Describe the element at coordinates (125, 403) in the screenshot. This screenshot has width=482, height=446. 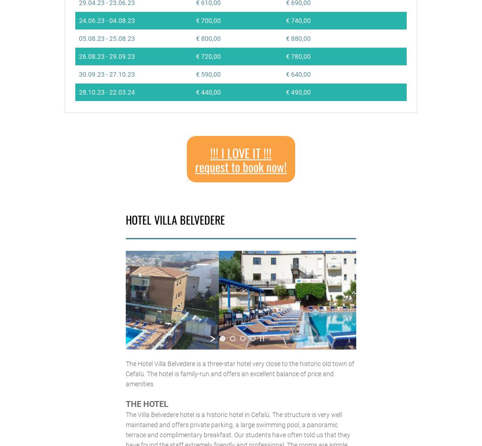
I see `'THE HOTEL'` at that location.